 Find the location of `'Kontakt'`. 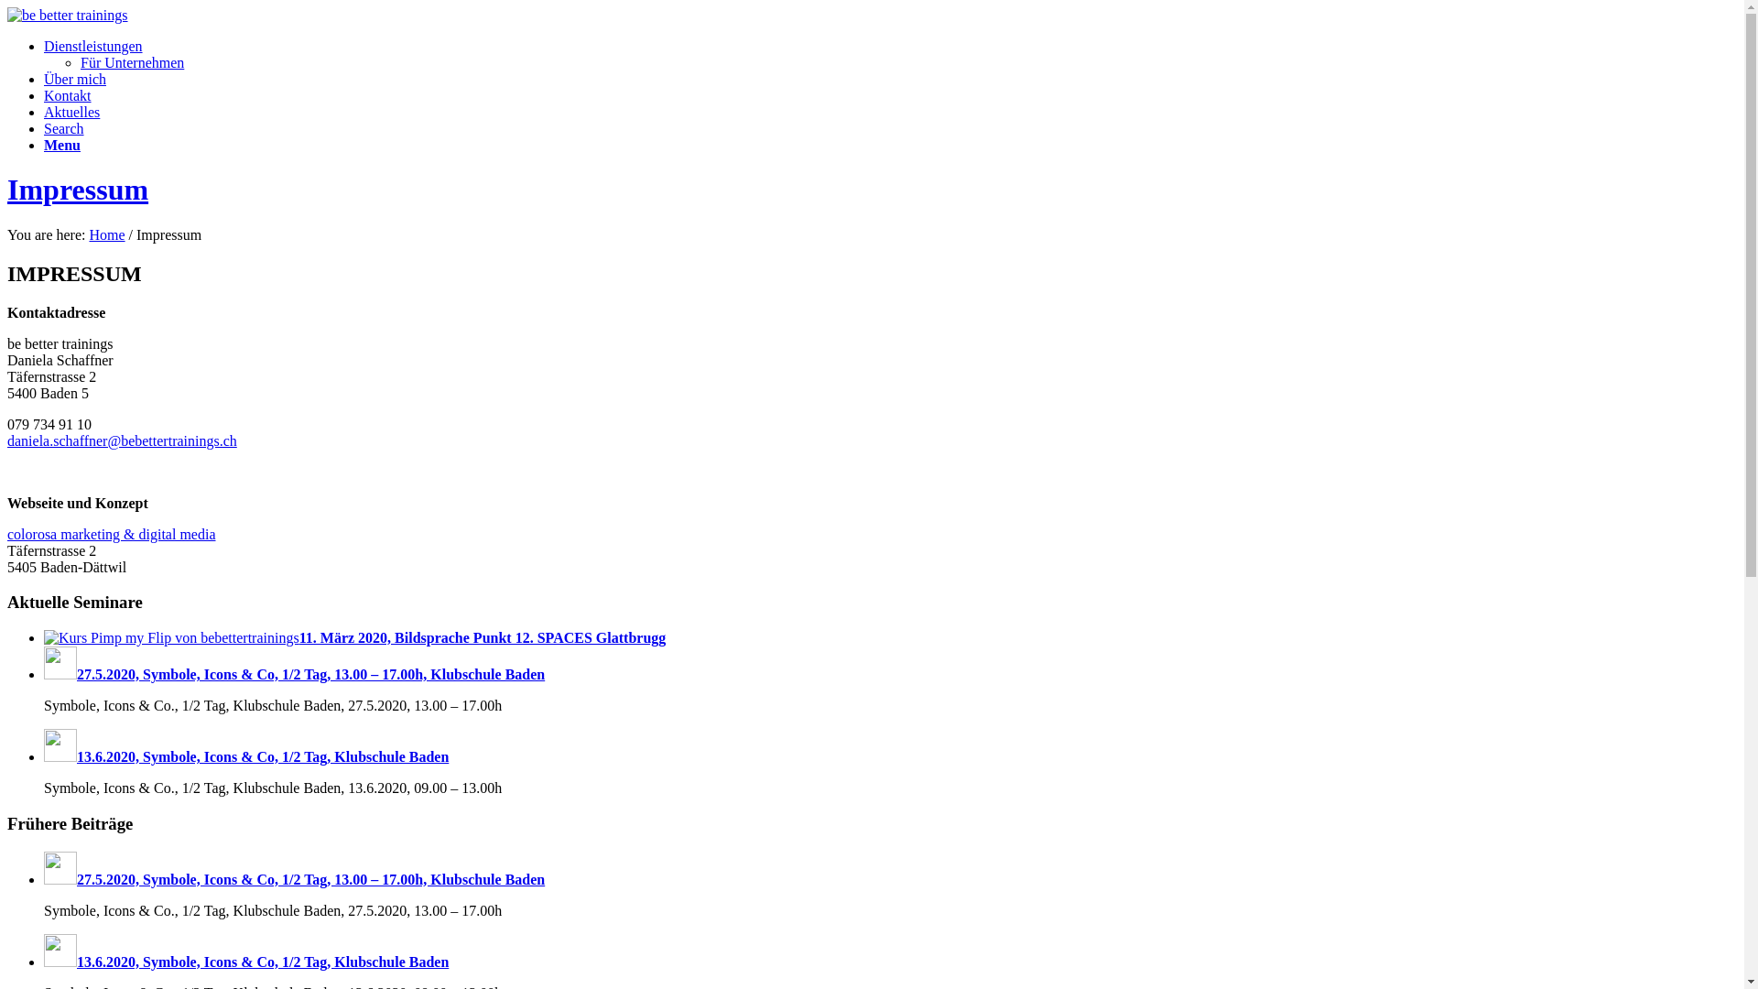

'Kontakt' is located at coordinates (67, 95).